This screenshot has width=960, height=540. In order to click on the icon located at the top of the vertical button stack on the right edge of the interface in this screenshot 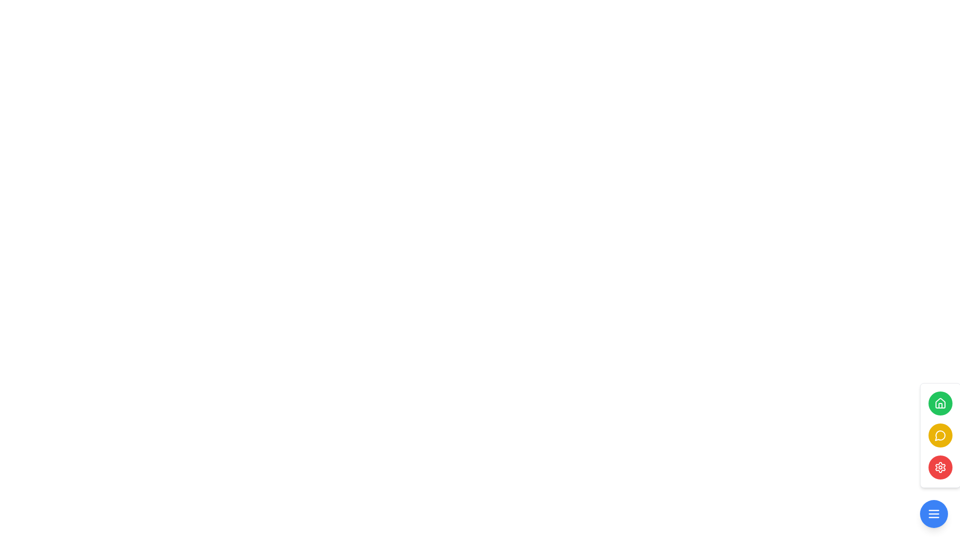, I will do `click(940, 402)`.